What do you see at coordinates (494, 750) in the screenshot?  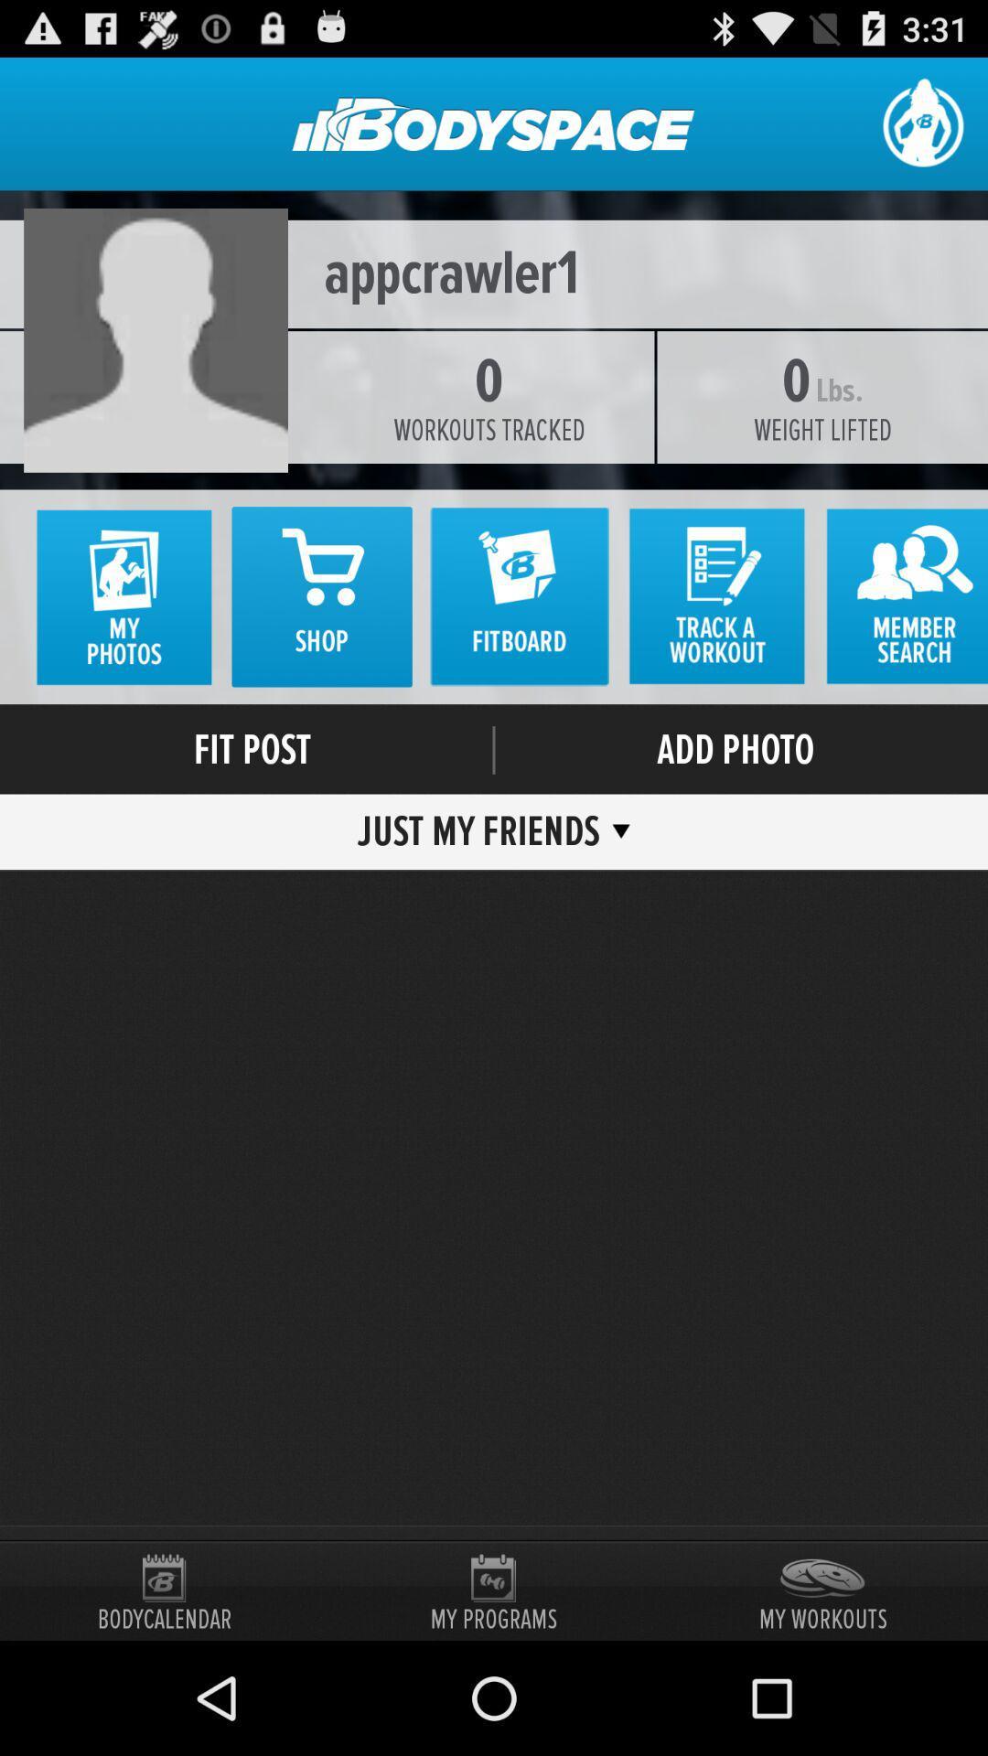 I see `the item next to fit post icon` at bounding box center [494, 750].